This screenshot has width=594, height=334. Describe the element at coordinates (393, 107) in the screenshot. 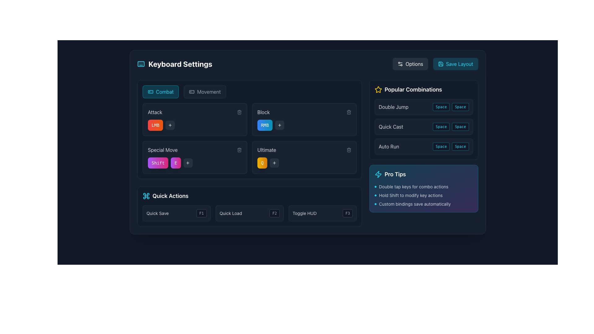

I see `the text label 'Double Jump' styled in light gray, located in the 'Popular Combinations' section on the right side of the interface` at that location.